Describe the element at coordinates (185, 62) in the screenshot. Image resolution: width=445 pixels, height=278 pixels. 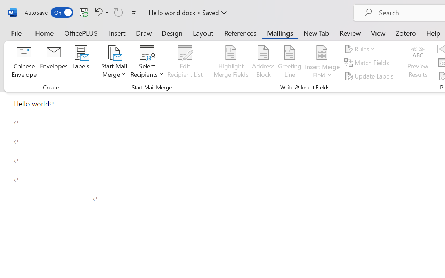
I see `'Edit Recipient List...'` at that location.